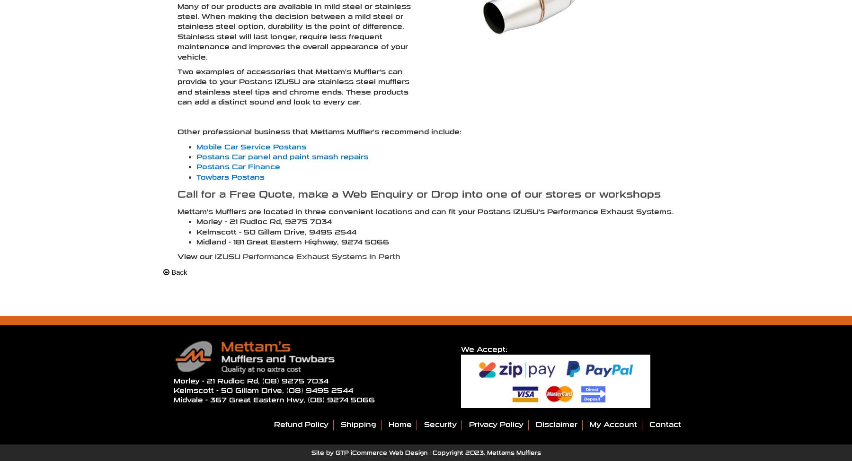 The height and width of the screenshot is (461, 852). I want to click on 'Shipping', so click(357, 424).